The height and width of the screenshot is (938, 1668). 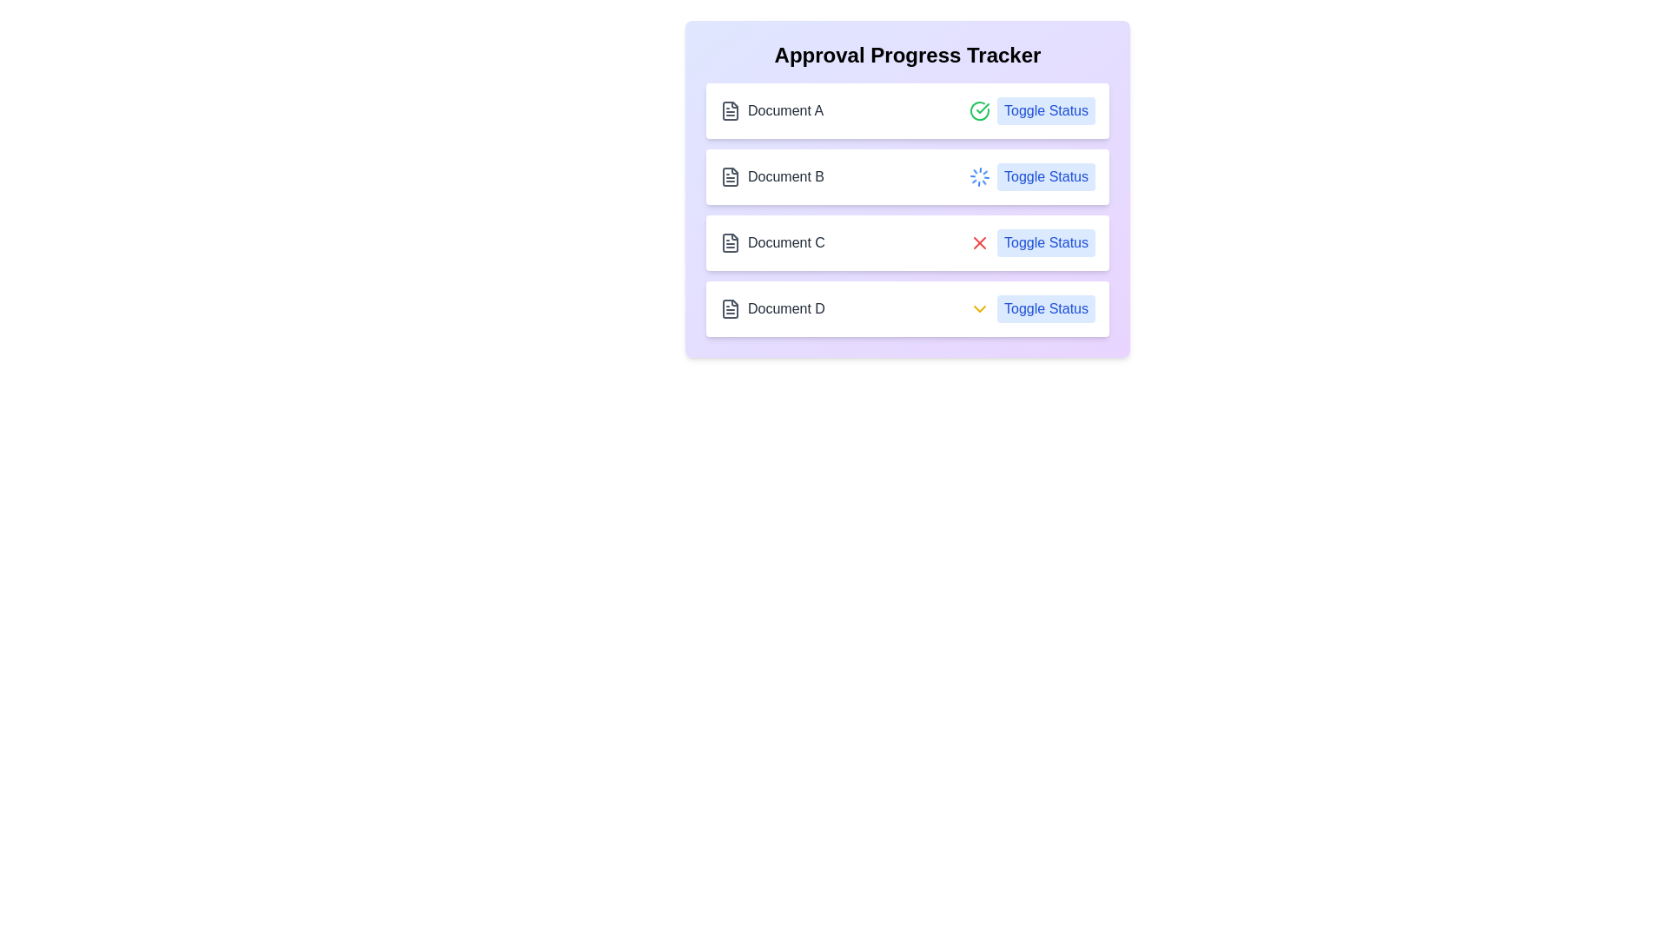 What do you see at coordinates (1032, 177) in the screenshot?
I see `the toggle button for 'Document B' in the 'Approval Progress Tracker' list` at bounding box center [1032, 177].